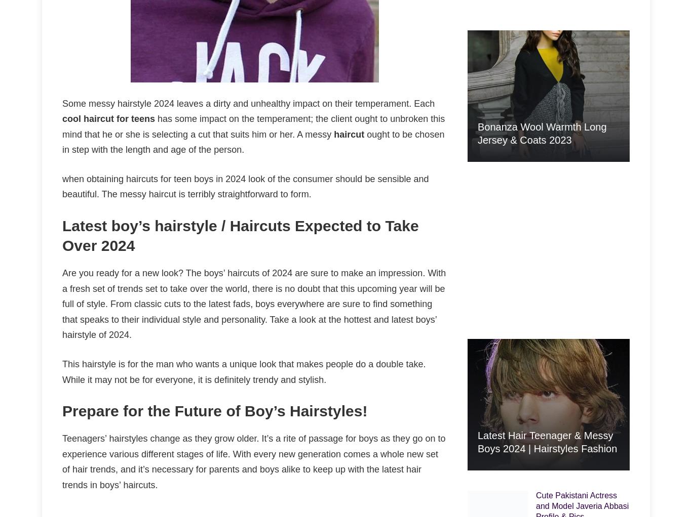  I want to click on 'cool haircut for teens', so click(108, 118).